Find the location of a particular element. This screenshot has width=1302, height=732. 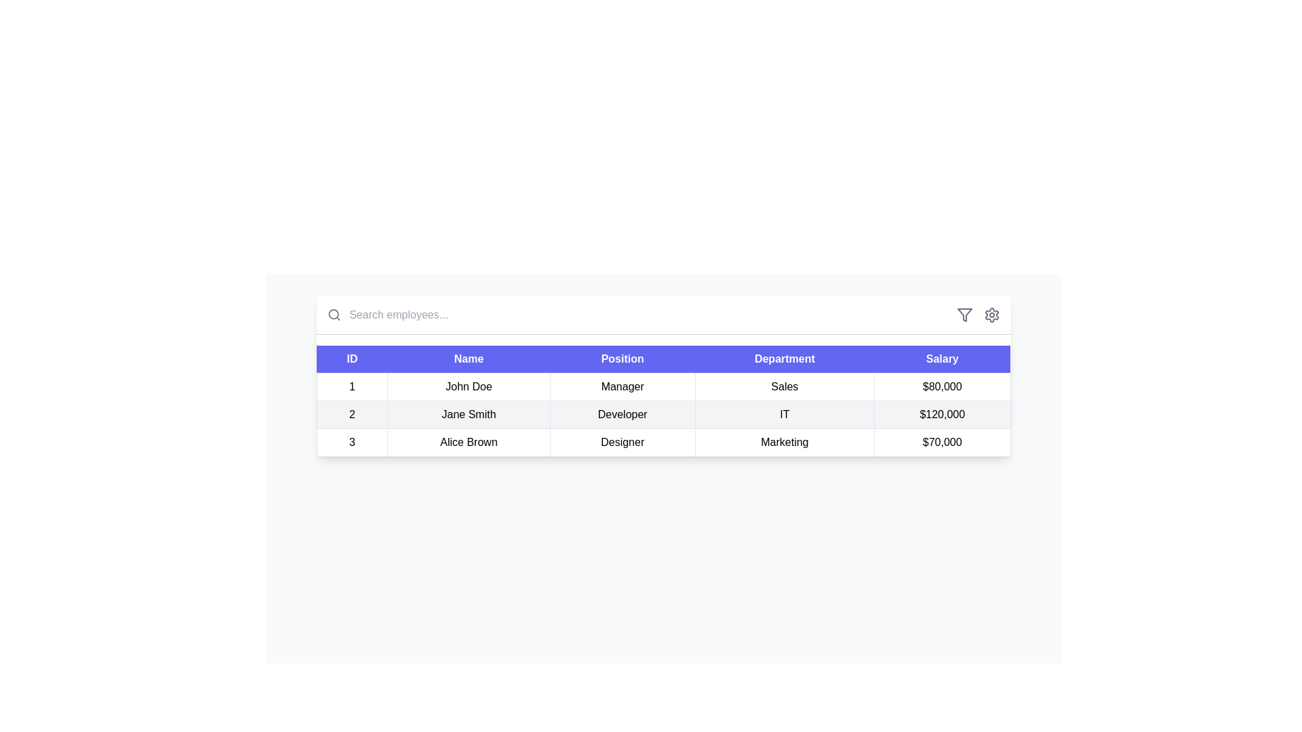

the text label displaying 'Sales' which is positioned in the fourth column of the first row of the table, adjacent to the 'Manager' column on the left and '$80,000' on the right is located at coordinates (785, 386).